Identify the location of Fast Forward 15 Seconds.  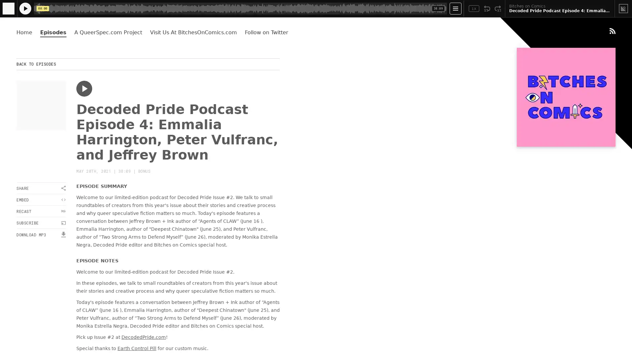
(498, 9).